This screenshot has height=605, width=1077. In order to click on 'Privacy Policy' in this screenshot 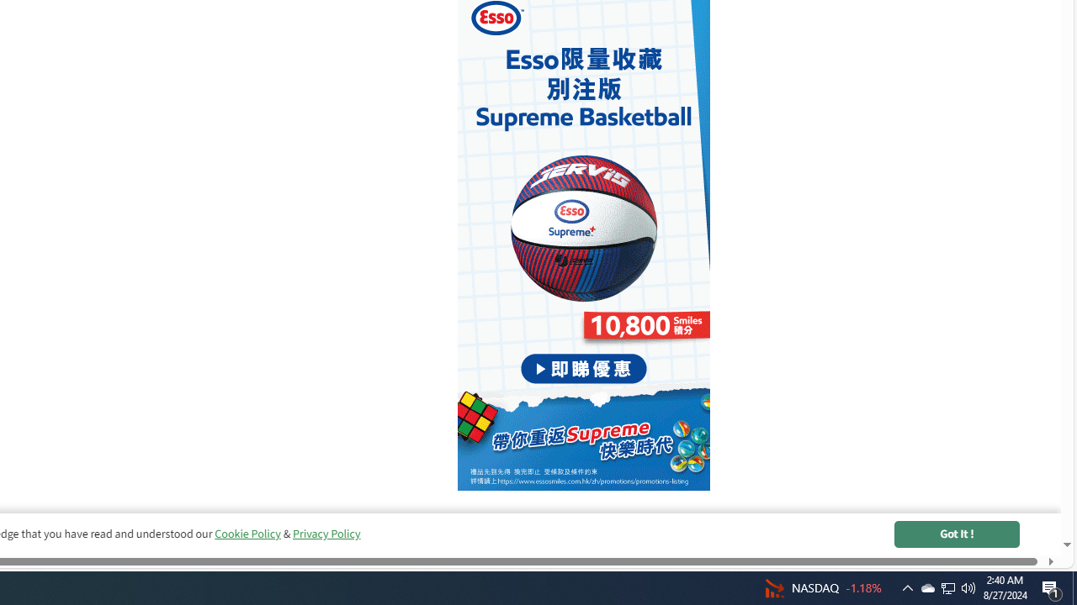, I will do `click(326, 534)`.